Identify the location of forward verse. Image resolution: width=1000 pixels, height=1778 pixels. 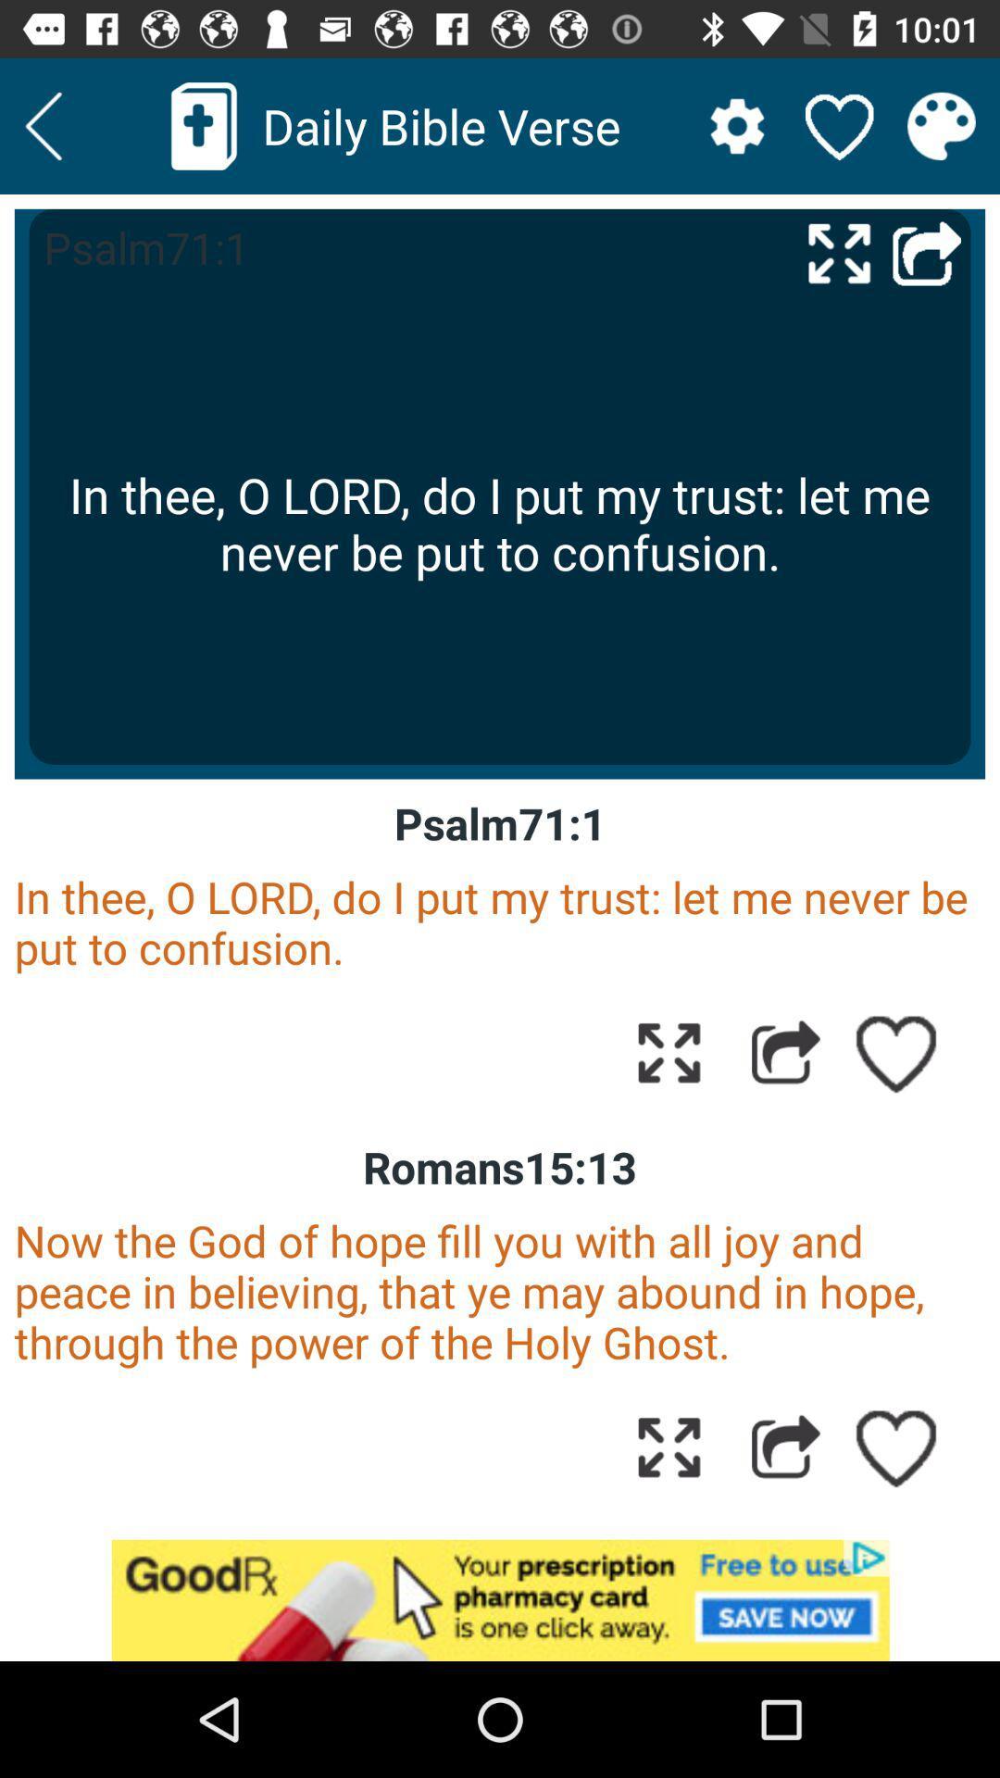
(785, 1052).